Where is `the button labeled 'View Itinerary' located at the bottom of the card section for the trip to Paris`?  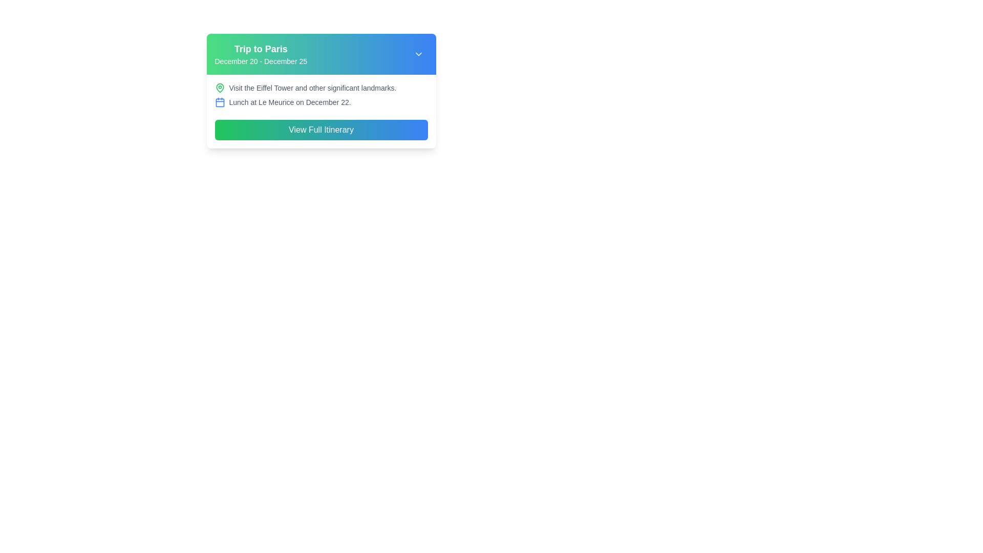 the button labeled 'View Itinerary' located at the bottom of the card section for the trip to Paris is located at coordinates (320, 130).